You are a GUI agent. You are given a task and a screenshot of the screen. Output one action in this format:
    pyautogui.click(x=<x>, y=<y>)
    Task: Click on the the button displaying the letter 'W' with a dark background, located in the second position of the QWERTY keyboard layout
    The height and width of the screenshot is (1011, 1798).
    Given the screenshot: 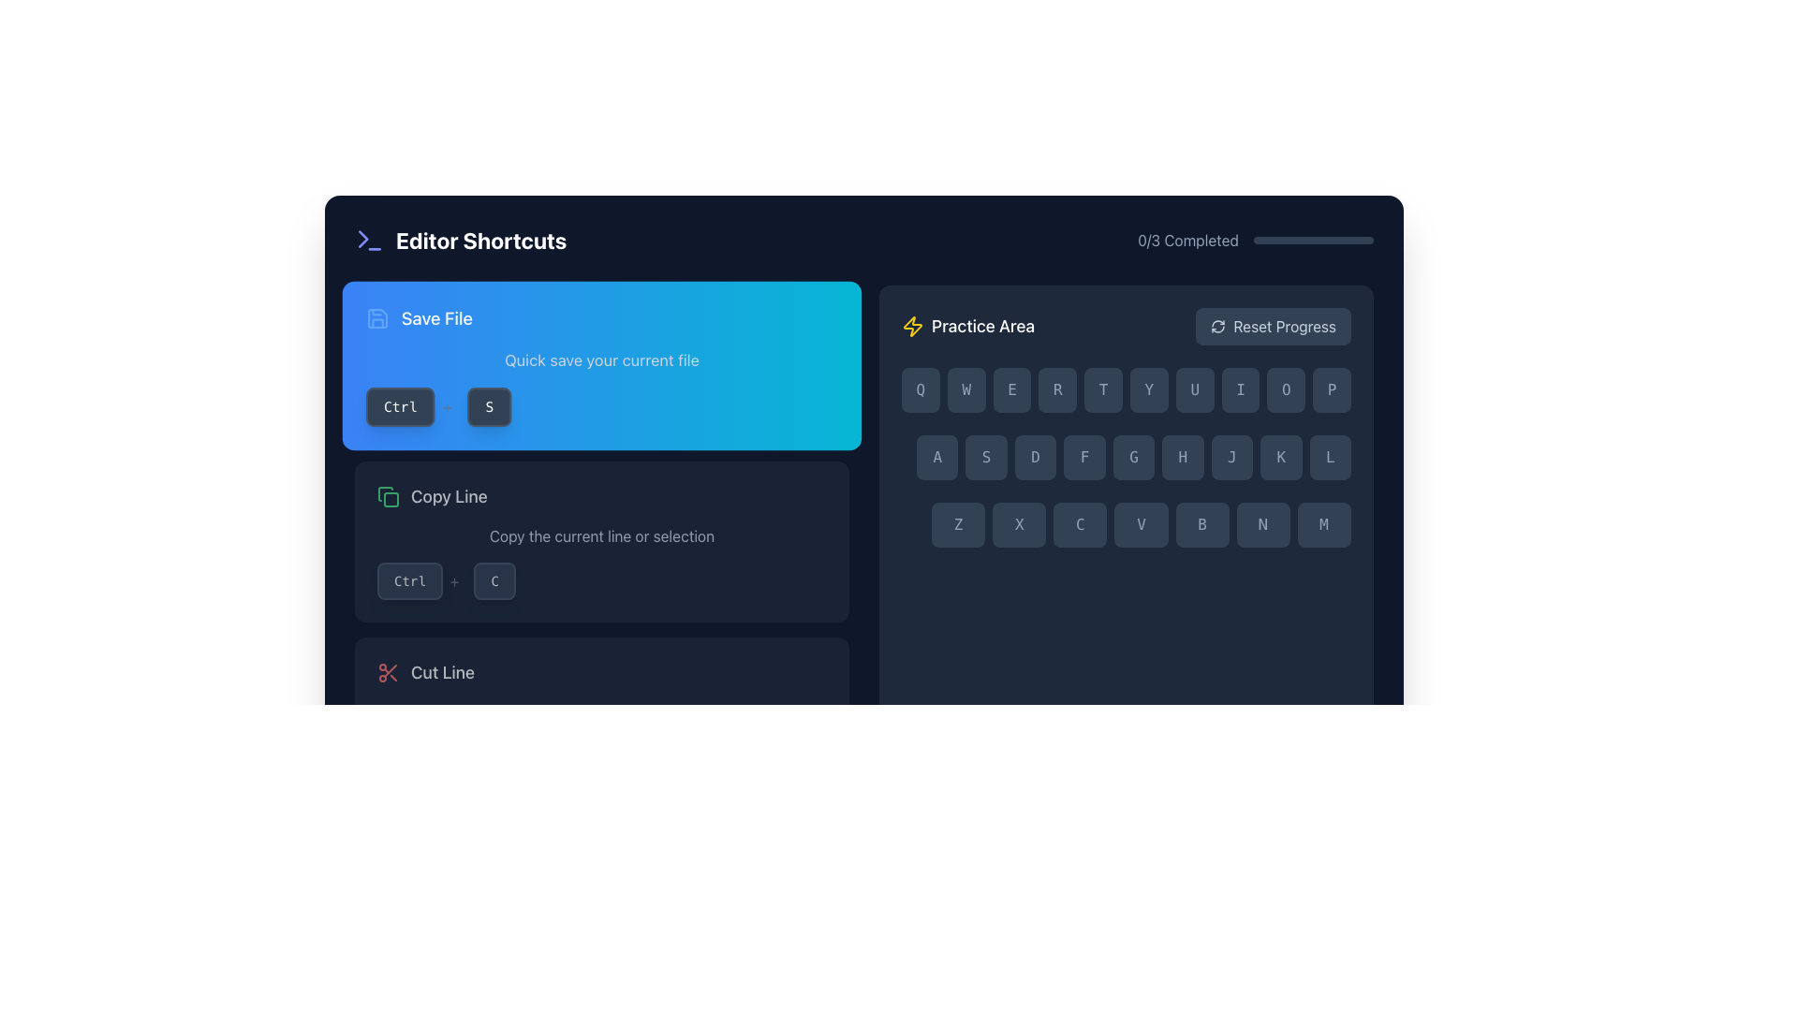 What is the action you would take?
    pyautogui.click(x=966, y=388)
    